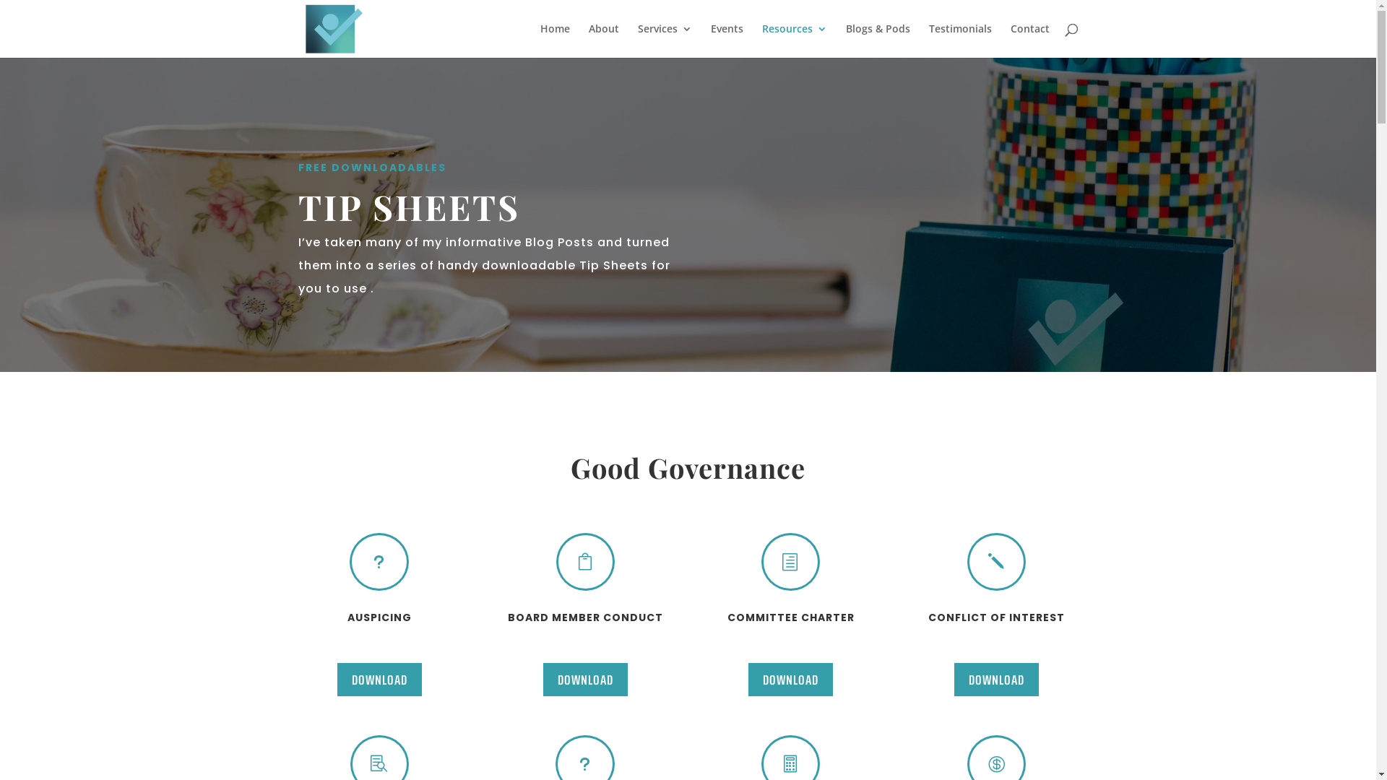 The image size is (1387, 780). What do you see at coordinates (1008, 40) in the screenshot?
I see `'Contact'` at bounding box center [1008, 40].